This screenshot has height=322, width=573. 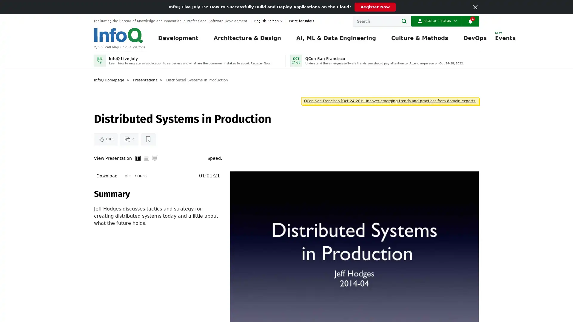 What do you see at coordinates (106, 145) in the screenshot?
I see `Like` at bounding box center [106, 145].